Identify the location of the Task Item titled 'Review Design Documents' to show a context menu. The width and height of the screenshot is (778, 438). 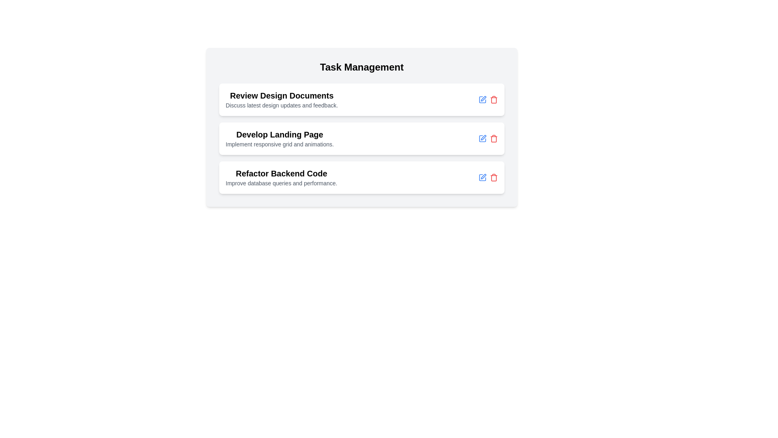
(361, 99).